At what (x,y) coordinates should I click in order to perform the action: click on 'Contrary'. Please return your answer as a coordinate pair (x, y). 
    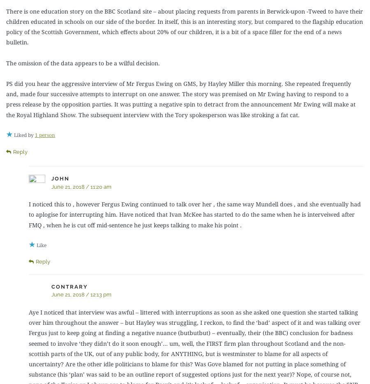
    Looking at the image, I should click on (69, 286).